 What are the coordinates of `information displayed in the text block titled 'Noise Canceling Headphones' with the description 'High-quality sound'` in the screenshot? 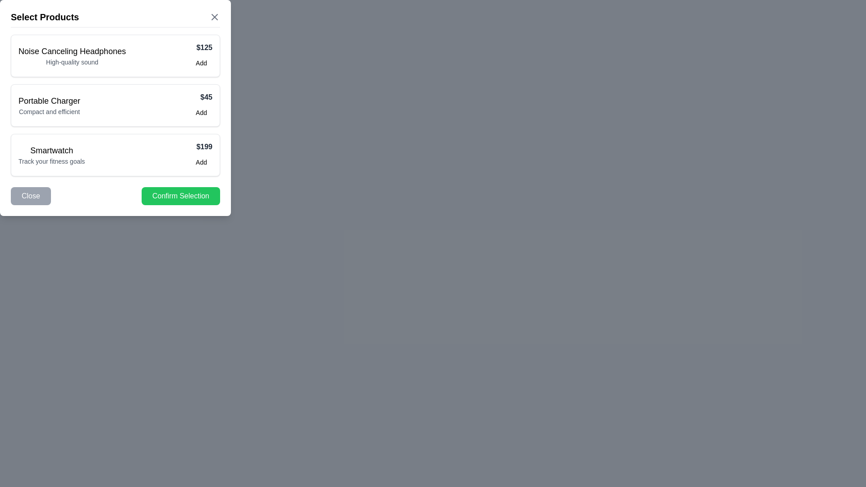 It's located at (72, 55).